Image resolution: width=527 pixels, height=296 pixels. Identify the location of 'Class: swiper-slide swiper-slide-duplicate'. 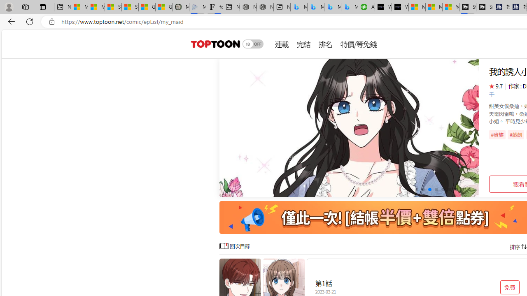
(349, 128).